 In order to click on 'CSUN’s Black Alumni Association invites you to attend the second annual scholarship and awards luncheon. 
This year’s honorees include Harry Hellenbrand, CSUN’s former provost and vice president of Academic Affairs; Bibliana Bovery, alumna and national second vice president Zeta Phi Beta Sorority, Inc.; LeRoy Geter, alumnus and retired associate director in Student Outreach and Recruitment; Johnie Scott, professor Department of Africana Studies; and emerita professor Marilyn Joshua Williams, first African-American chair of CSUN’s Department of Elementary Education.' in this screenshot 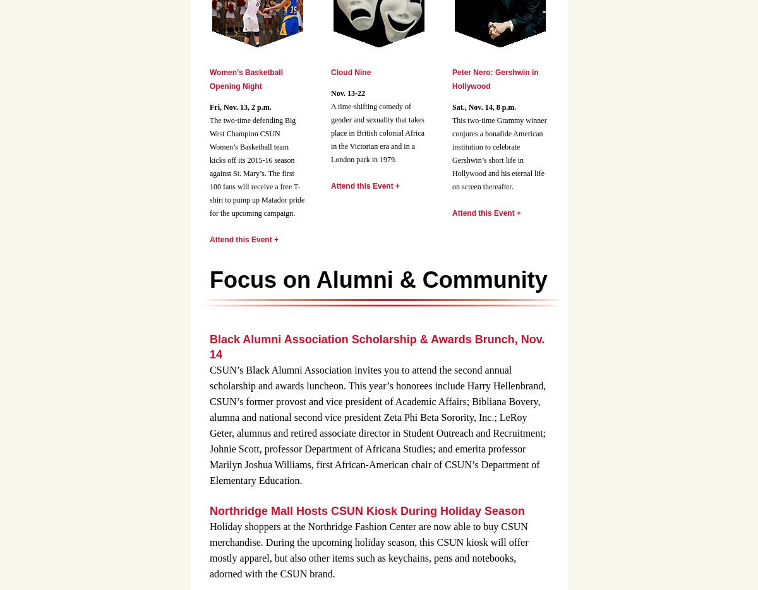, I will do `click(376, 425)`.